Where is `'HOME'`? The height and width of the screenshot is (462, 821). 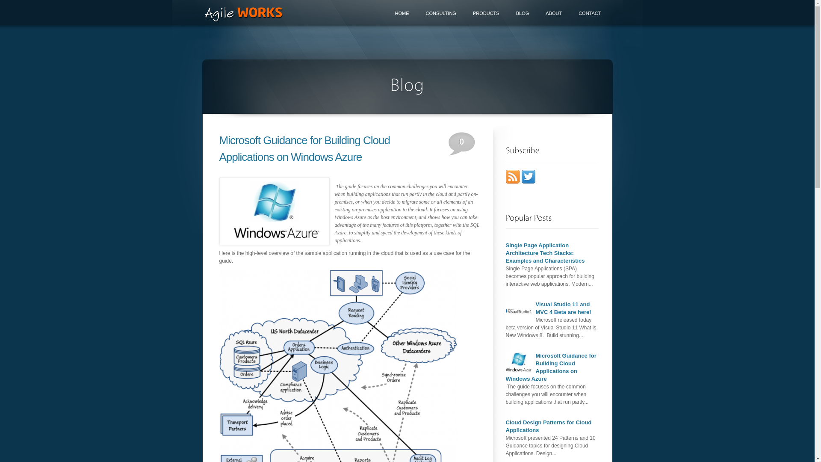 'HOME' is located at coordinates (402, 13).